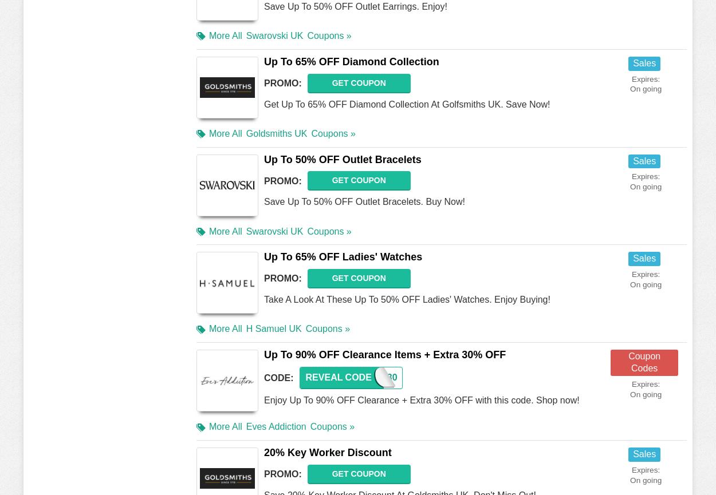 The height and width of the screenshot is (495, 716). What do you see at coordinates (385, 355) in the screenshot?
I see `'Up To 90% OFF Clearance Items + Extra 30% OFF'` at bounding box center [385, 355].